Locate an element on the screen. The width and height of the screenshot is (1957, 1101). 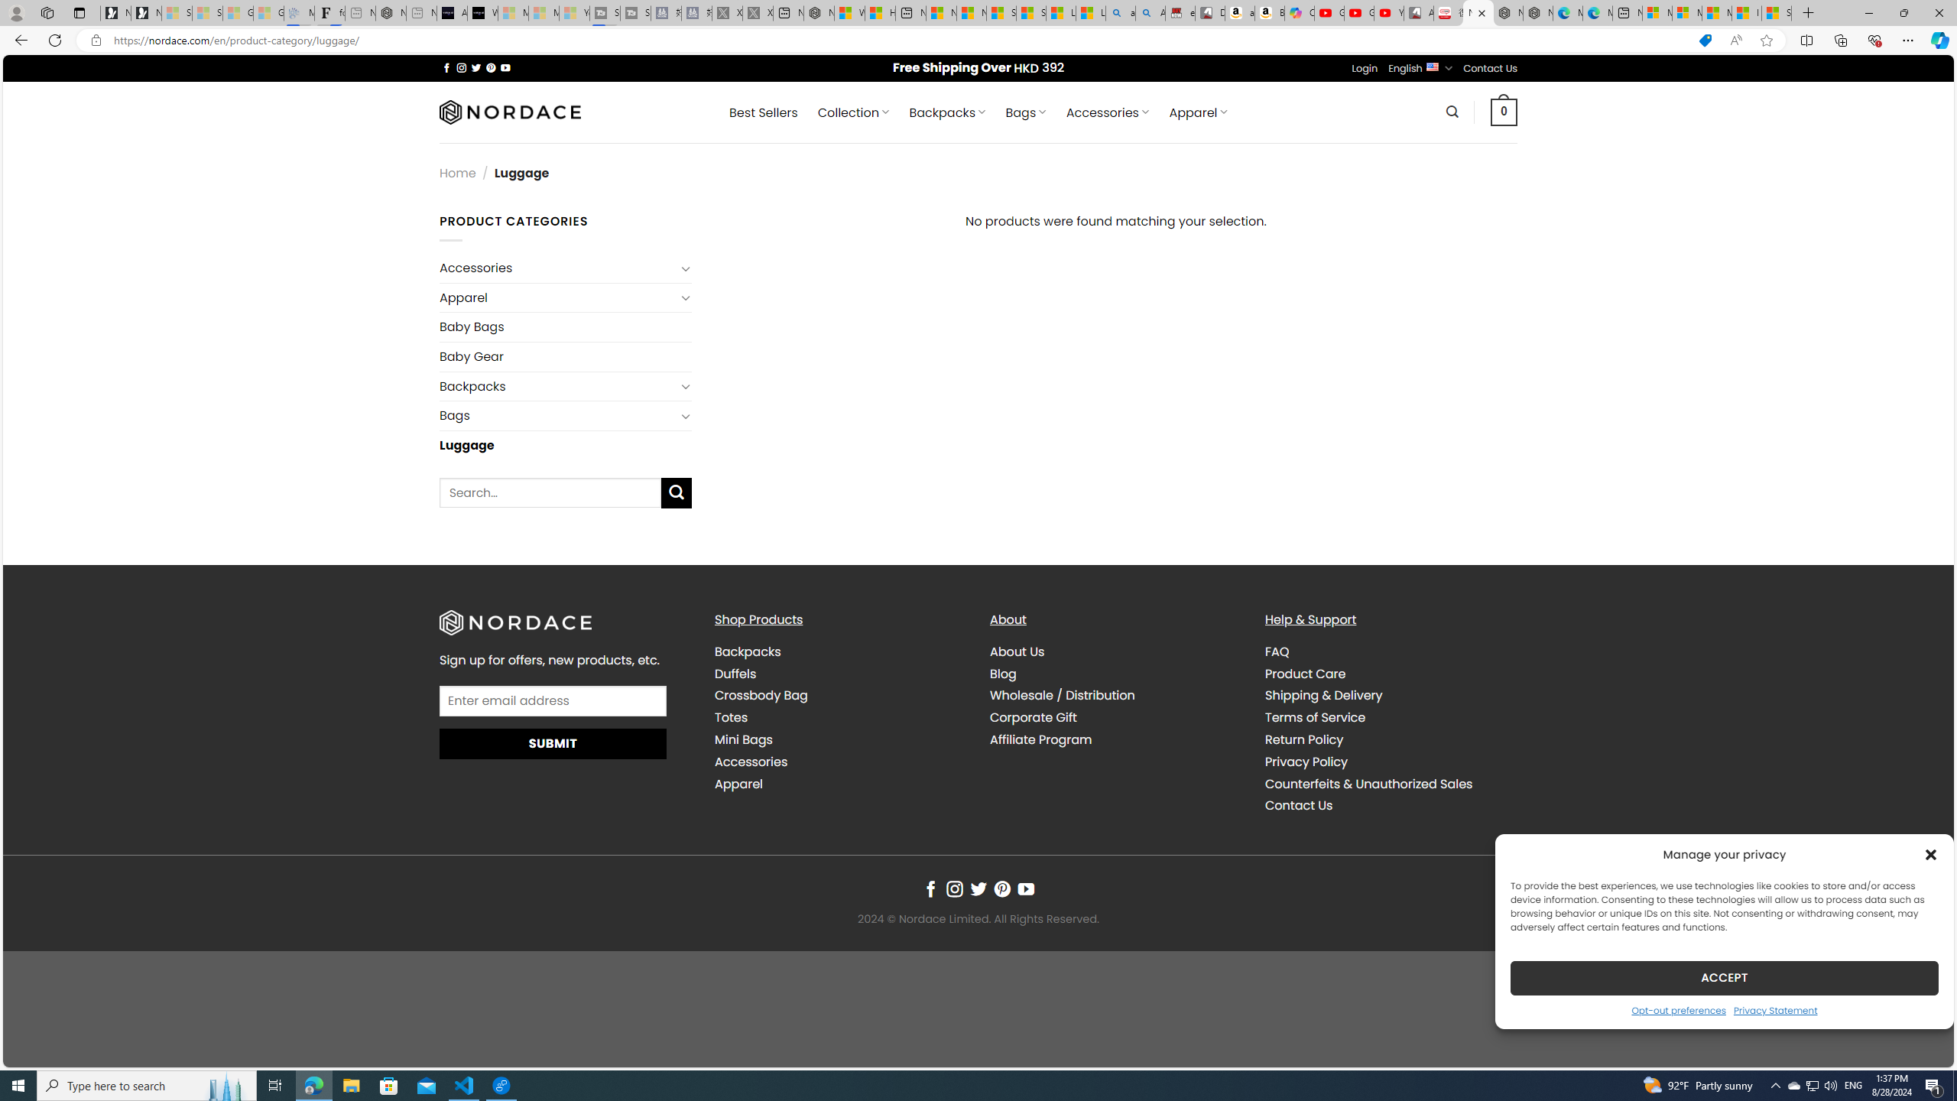
'Login' is located at coordinates (1365, 67).